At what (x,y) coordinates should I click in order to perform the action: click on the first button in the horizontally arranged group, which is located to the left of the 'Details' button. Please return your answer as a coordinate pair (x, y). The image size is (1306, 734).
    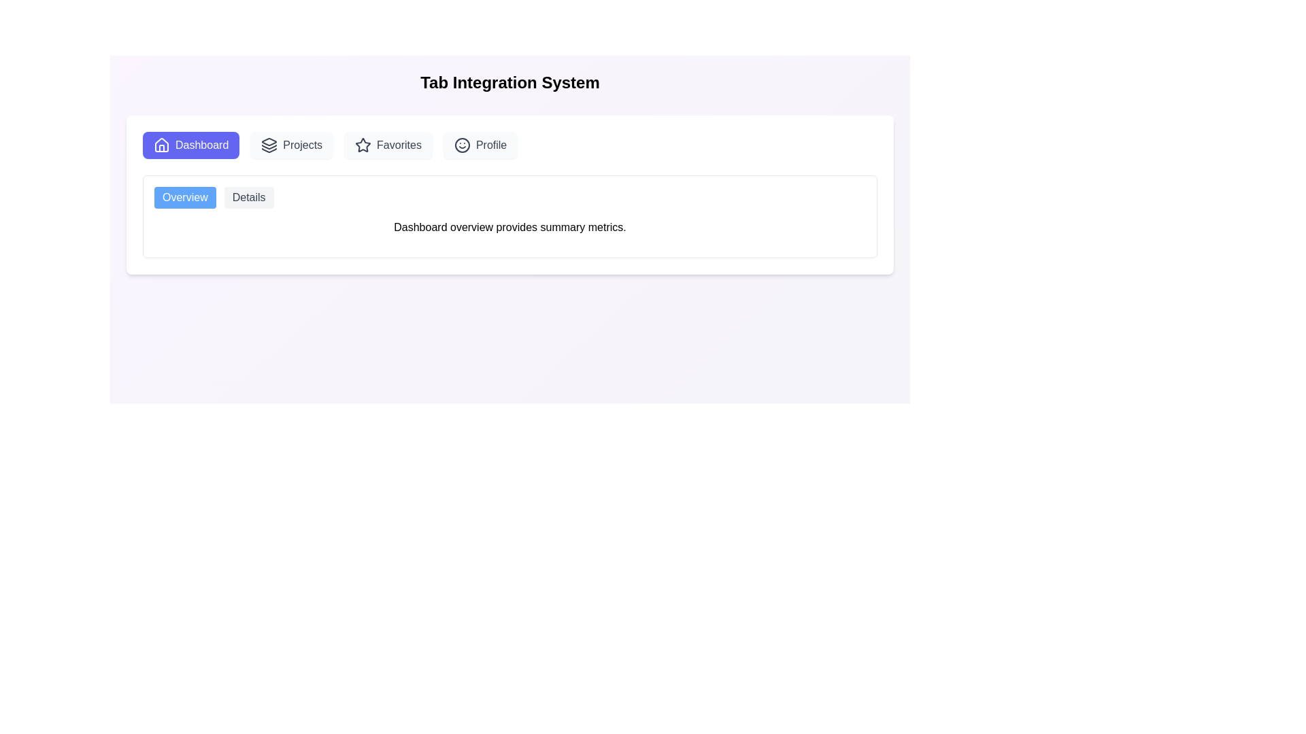
    Looking at the image, I should click on (184, 197).